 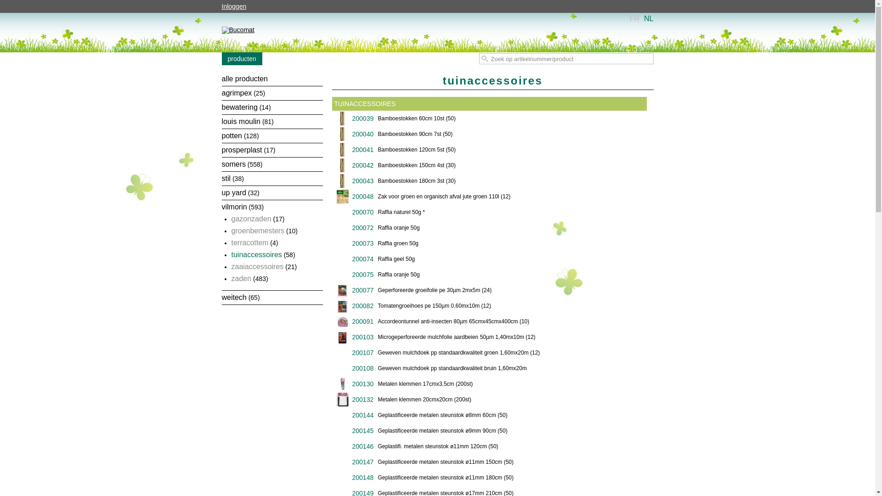 What do you see at coordinates (233, 297) in the screenshot?
I see `'weitech'` at bounding box center [233, 297].